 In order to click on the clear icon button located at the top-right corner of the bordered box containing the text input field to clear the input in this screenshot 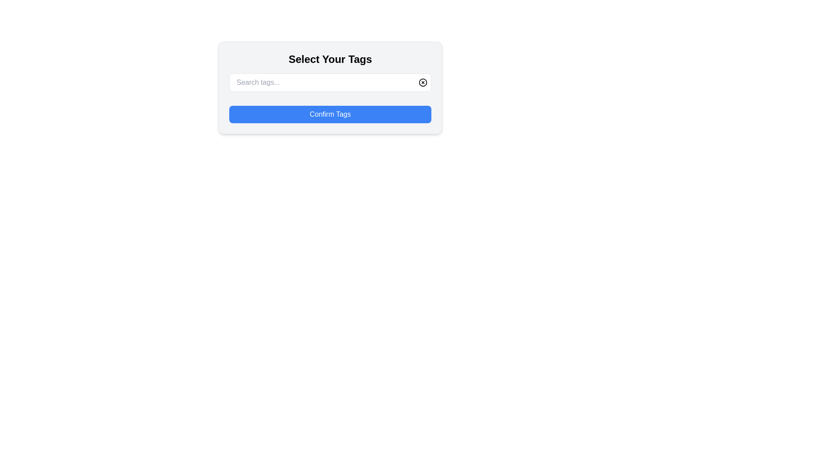, I will do `click(423, 83)`.